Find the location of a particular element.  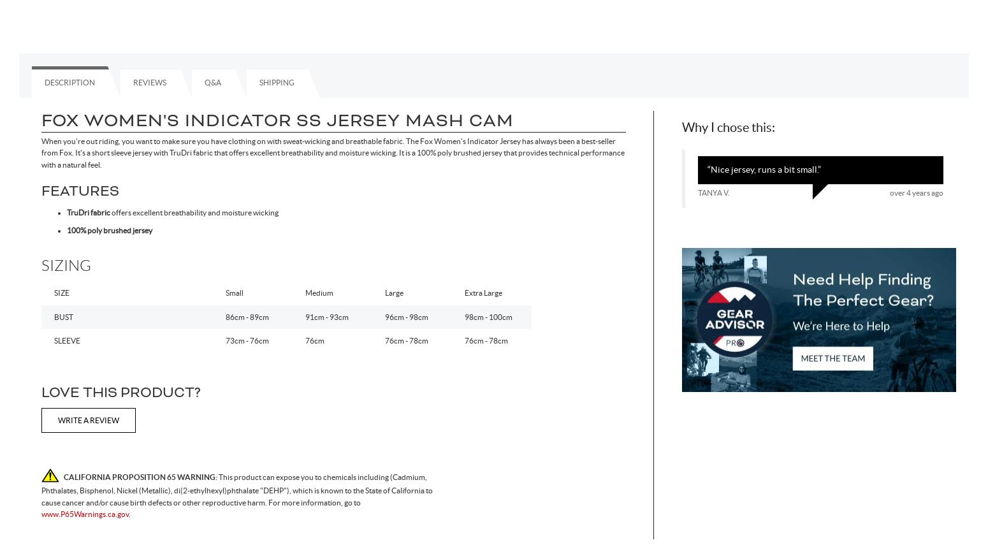

'Q&A' is located at coordinates (212, 82).